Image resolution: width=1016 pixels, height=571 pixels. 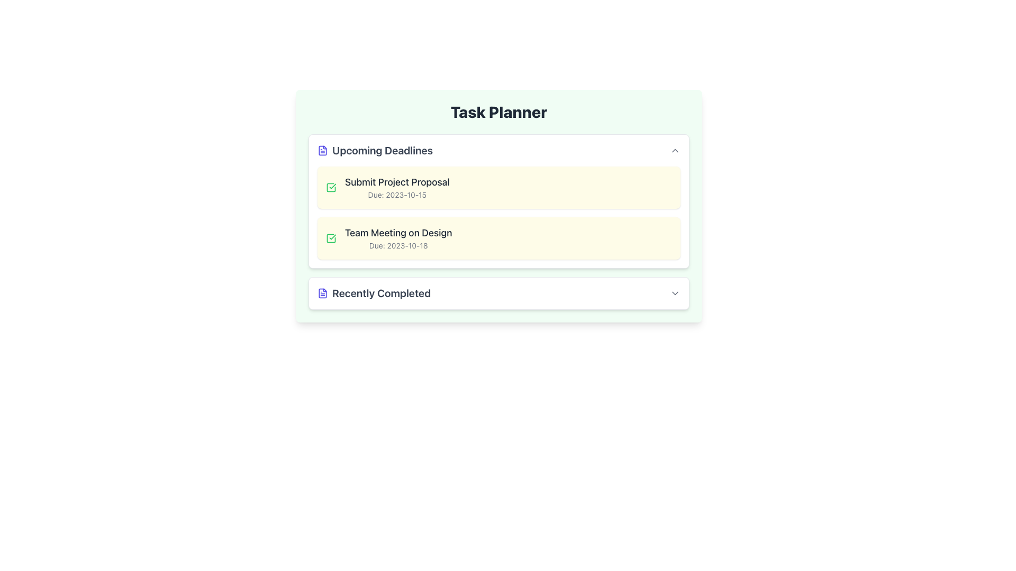 What do you see at coordinates (398, 238) in the screenshot?
I see `the text block displaying 'Team Meeting on Design' with a light-yellow background, located under 'Upcoming Deadlines'` at bounding box center [398, 238].